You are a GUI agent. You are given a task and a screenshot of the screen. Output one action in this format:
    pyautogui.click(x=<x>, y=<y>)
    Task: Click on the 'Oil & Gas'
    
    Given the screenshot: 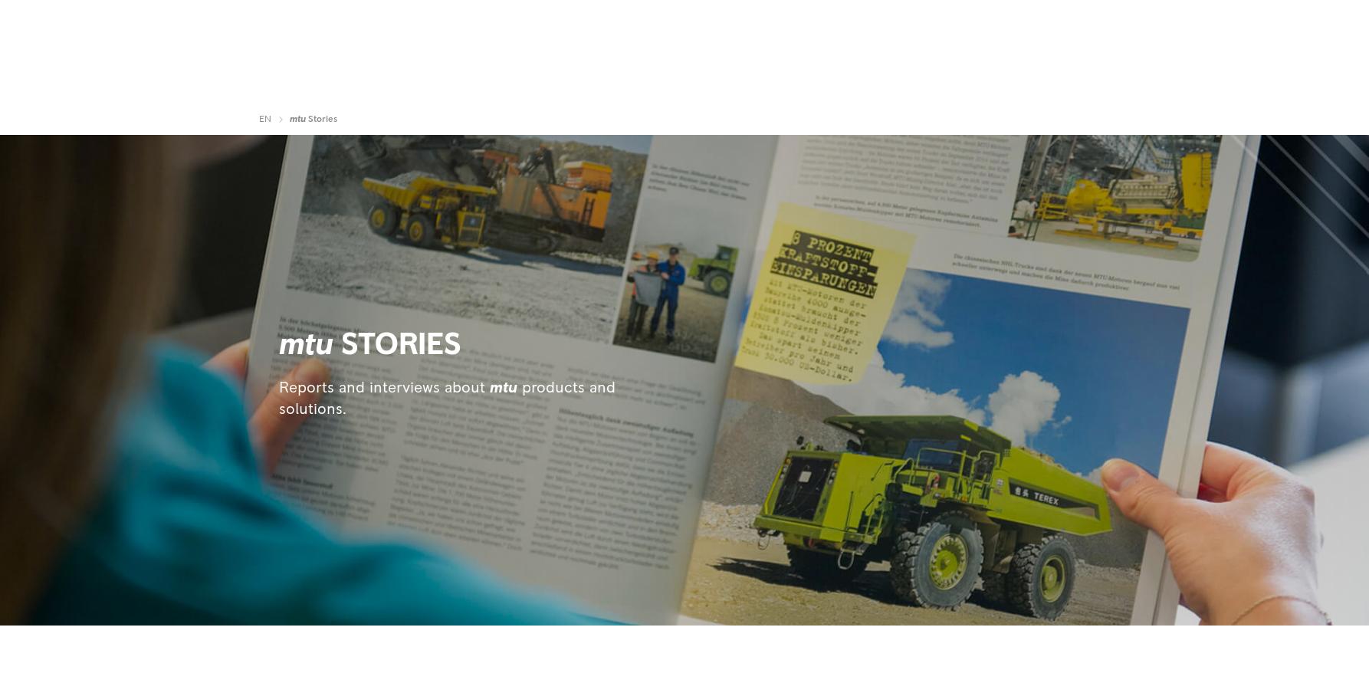 What is the action you would take?
    pyautogui.click(x=583, y=84)
    